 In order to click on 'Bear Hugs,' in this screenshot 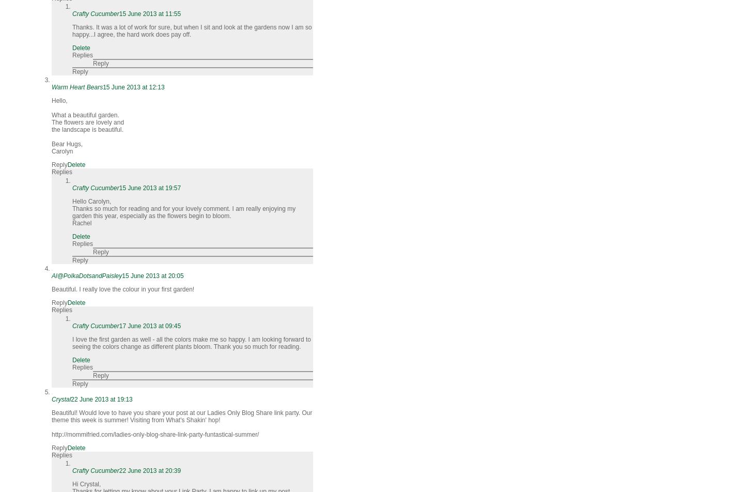, I will do `click(67, 144)`.